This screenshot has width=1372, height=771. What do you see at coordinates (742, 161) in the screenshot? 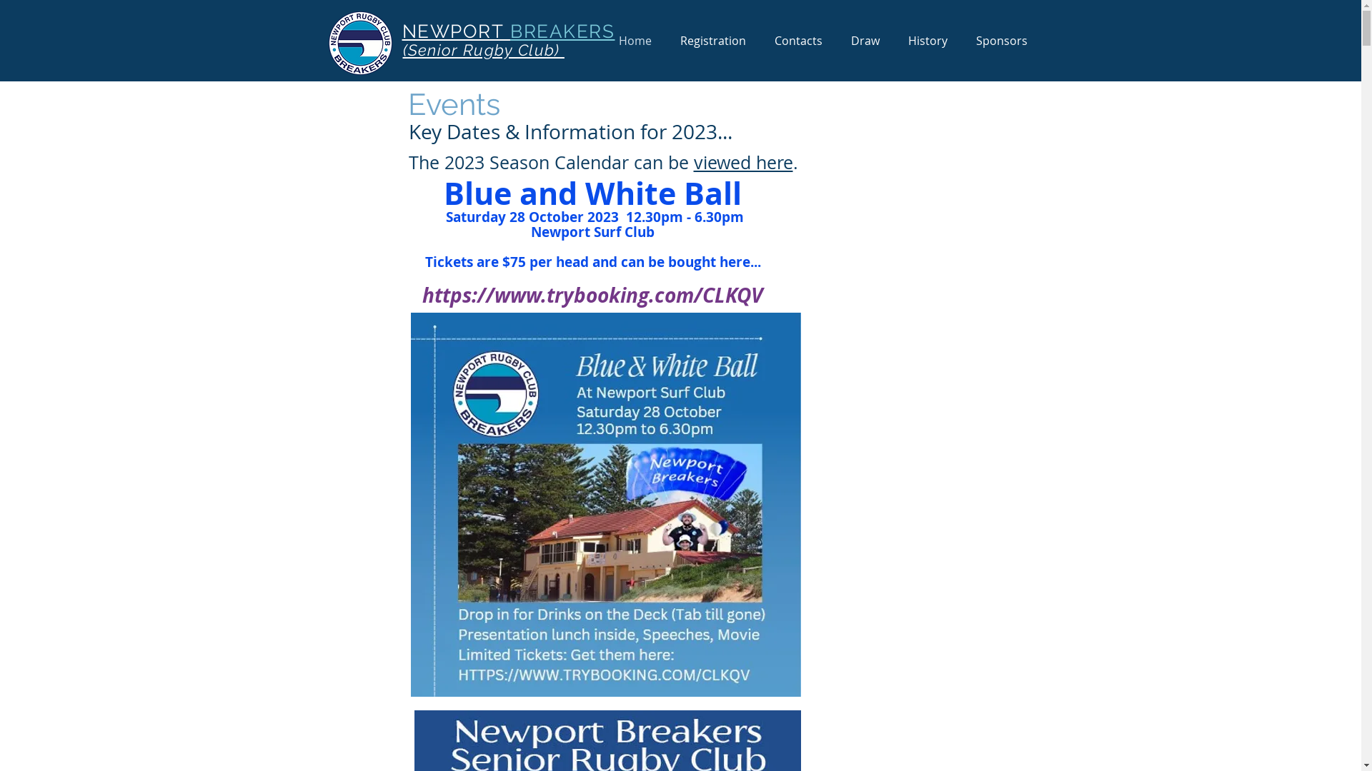
I see `'viewed here'` at bounding box center [742, 161].